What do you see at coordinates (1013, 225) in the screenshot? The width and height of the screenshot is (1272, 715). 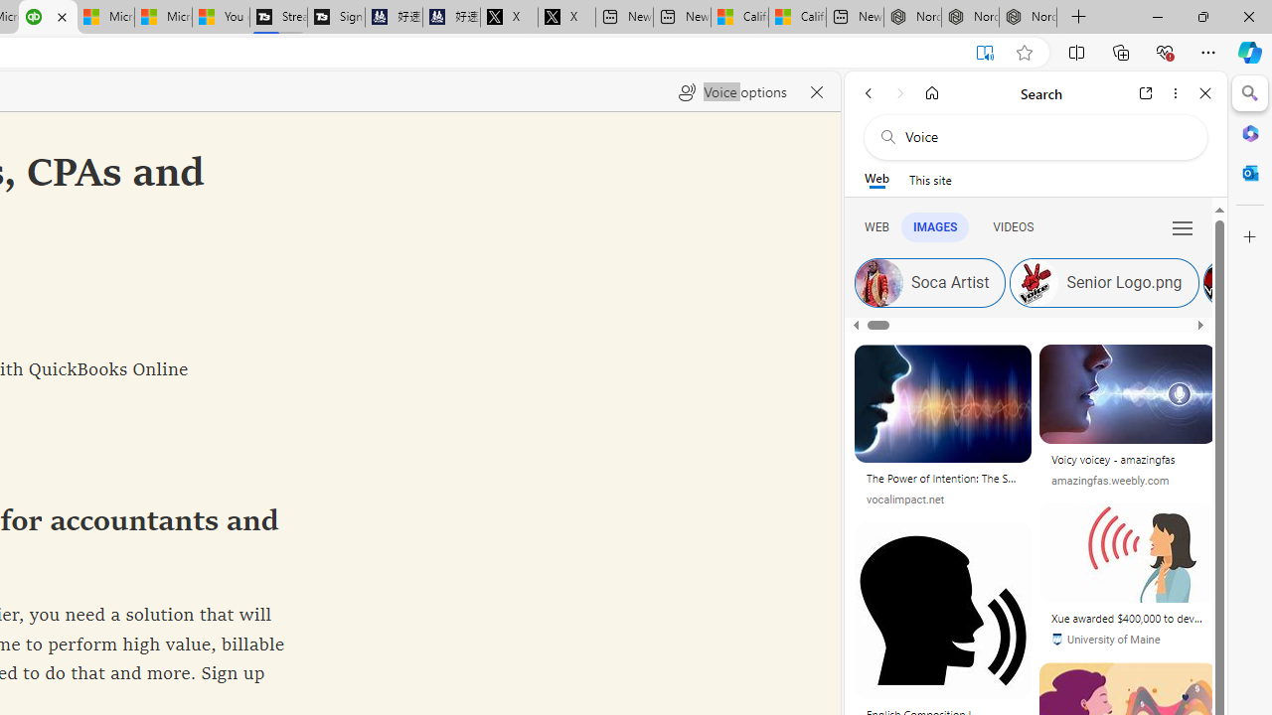 I see `'VIDEOS'` at bounding box center [1013, 225].